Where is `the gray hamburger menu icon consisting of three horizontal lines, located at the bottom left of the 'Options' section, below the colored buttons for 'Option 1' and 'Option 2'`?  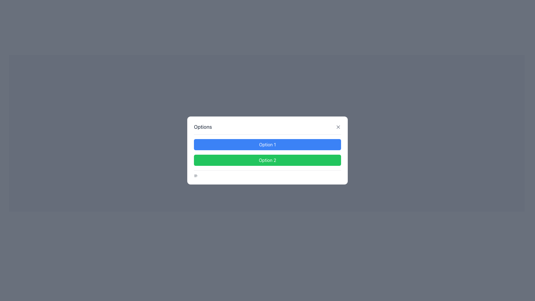 the gray hamburger menu icon consisting of three horizontal lines, located at the bottom left of the 'Options' section, below the colored buttons for 'Option 1' and 'Option 2' is located at coordinates (196, 176).